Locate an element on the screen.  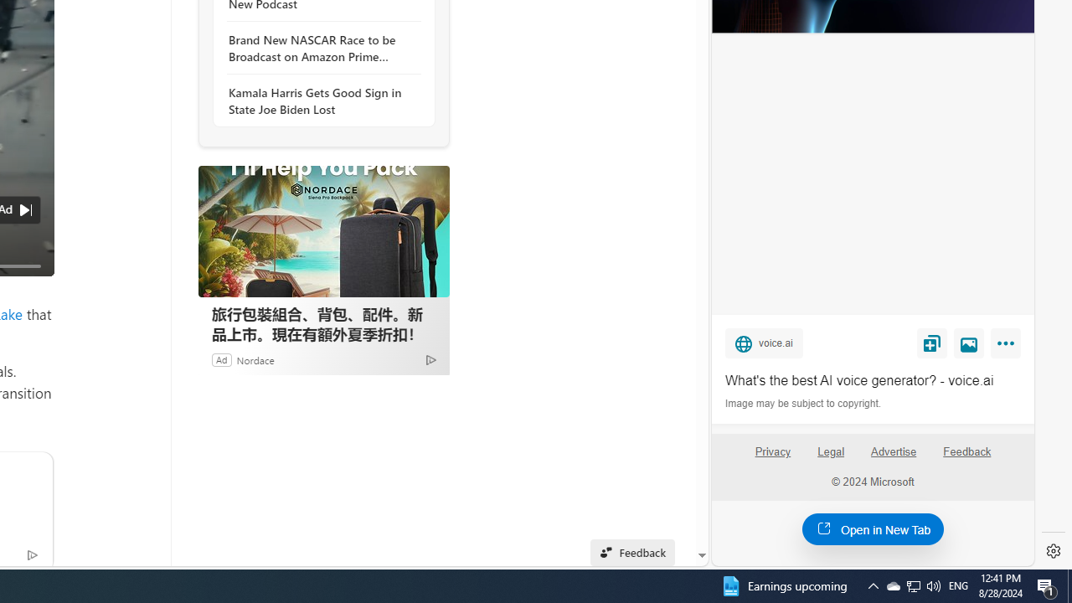
'What' is located at coordinates (872, 381).